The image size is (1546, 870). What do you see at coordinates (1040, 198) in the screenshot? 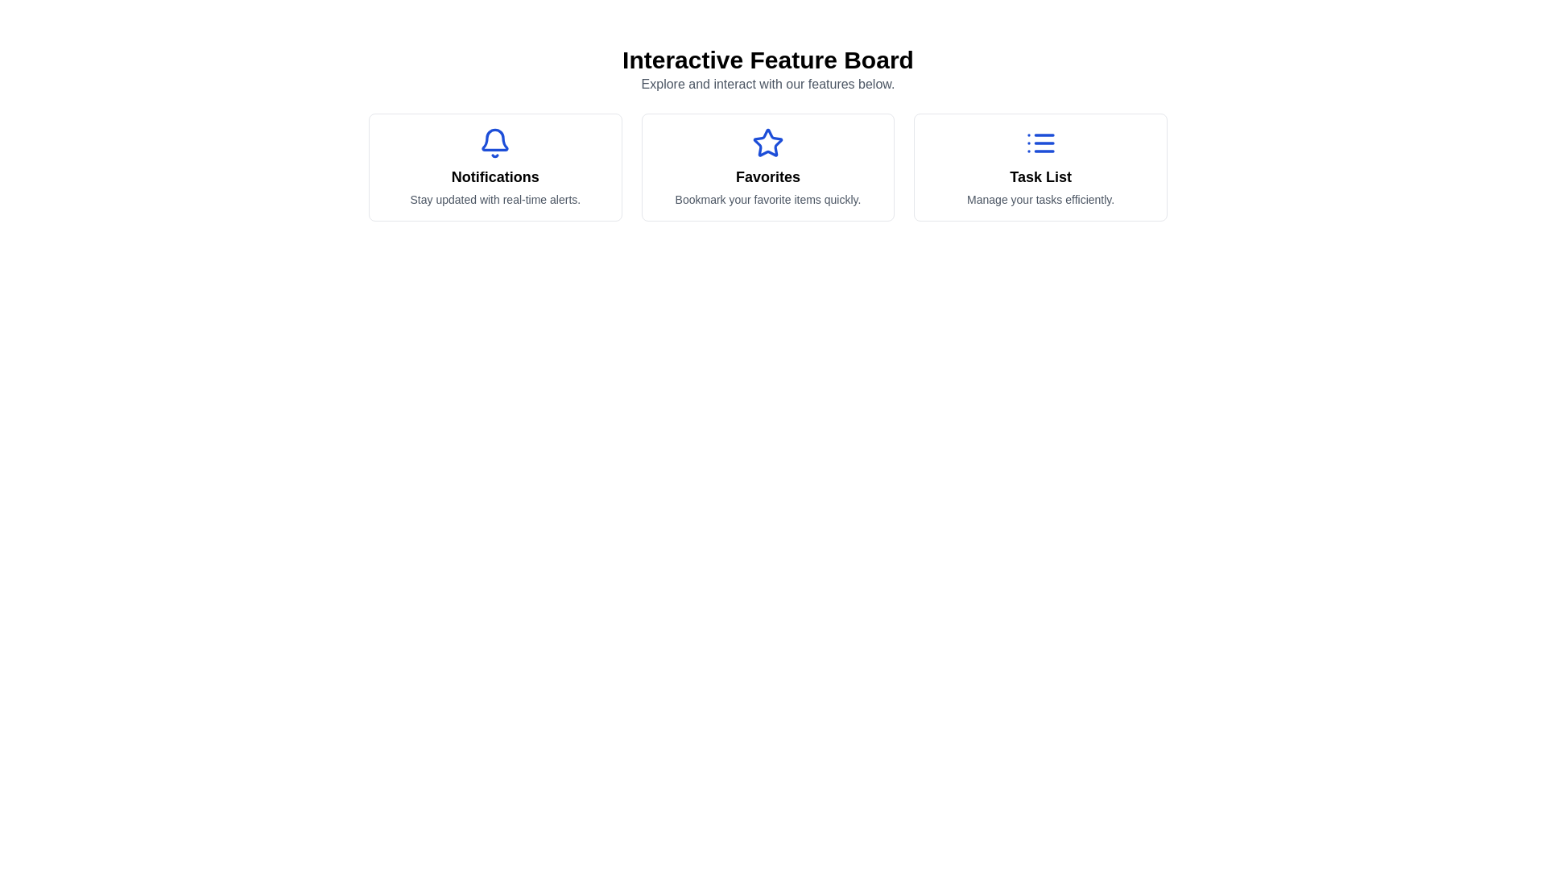
I see `the text component displaying 'Manage your tasks efficiently.' which is gray, center-aligned, and located beneath the 'Task List' title within the 'Task List' group` at bounding box center [1040, 198].